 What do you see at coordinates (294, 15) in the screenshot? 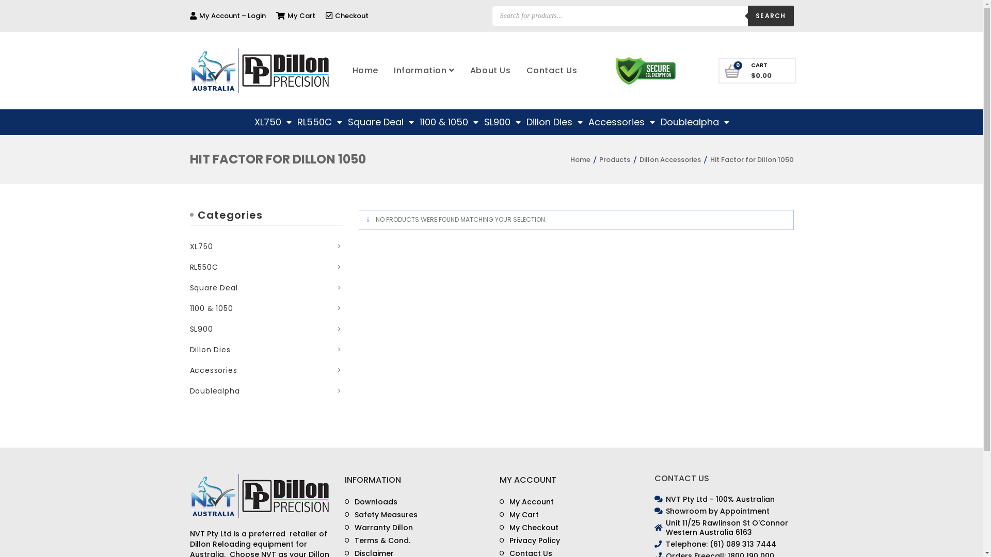
I see `'My Cart'` at bounding box center [294, 15].